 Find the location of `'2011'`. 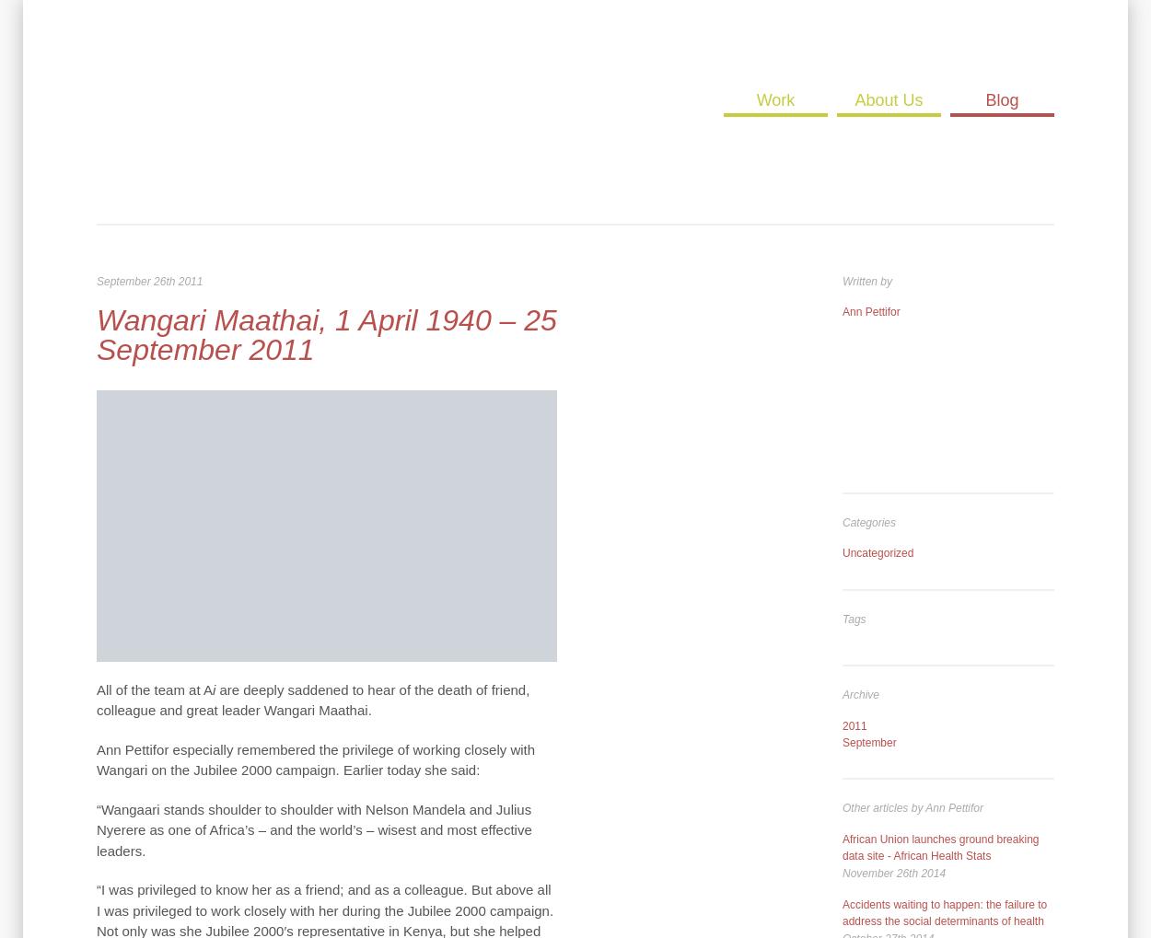

'2011' is located at coordinates (854, 724).